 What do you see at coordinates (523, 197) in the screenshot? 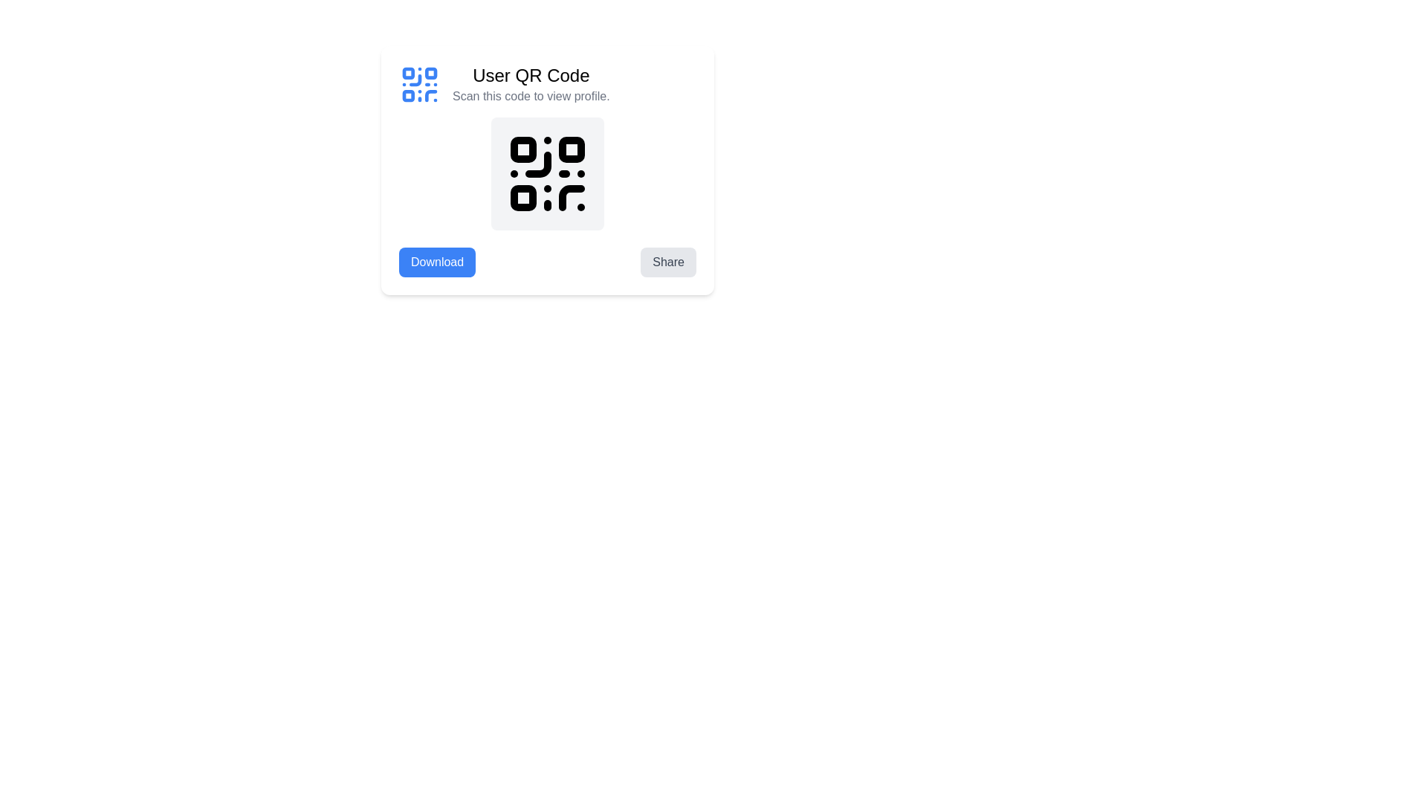
I see `the lower-left square component of the QR code, which is part of the visual design and encoding of the QR code` at bounding box center [523, 197].